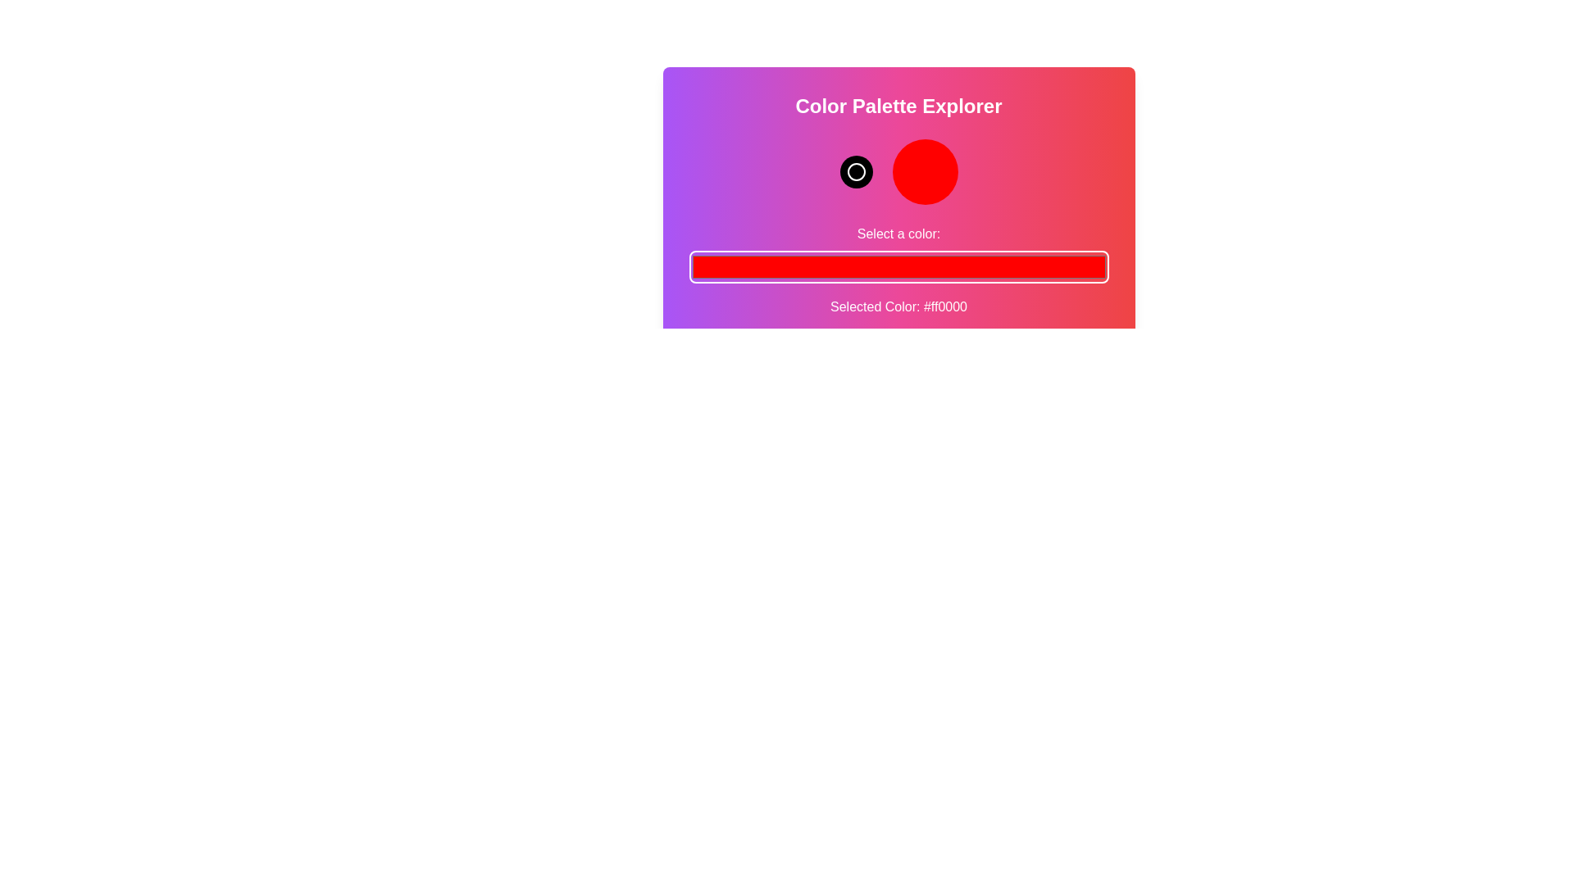 The image size is (1574, 885). I want to click on the color picker to a specific color value 9796868, so click(898, 266).